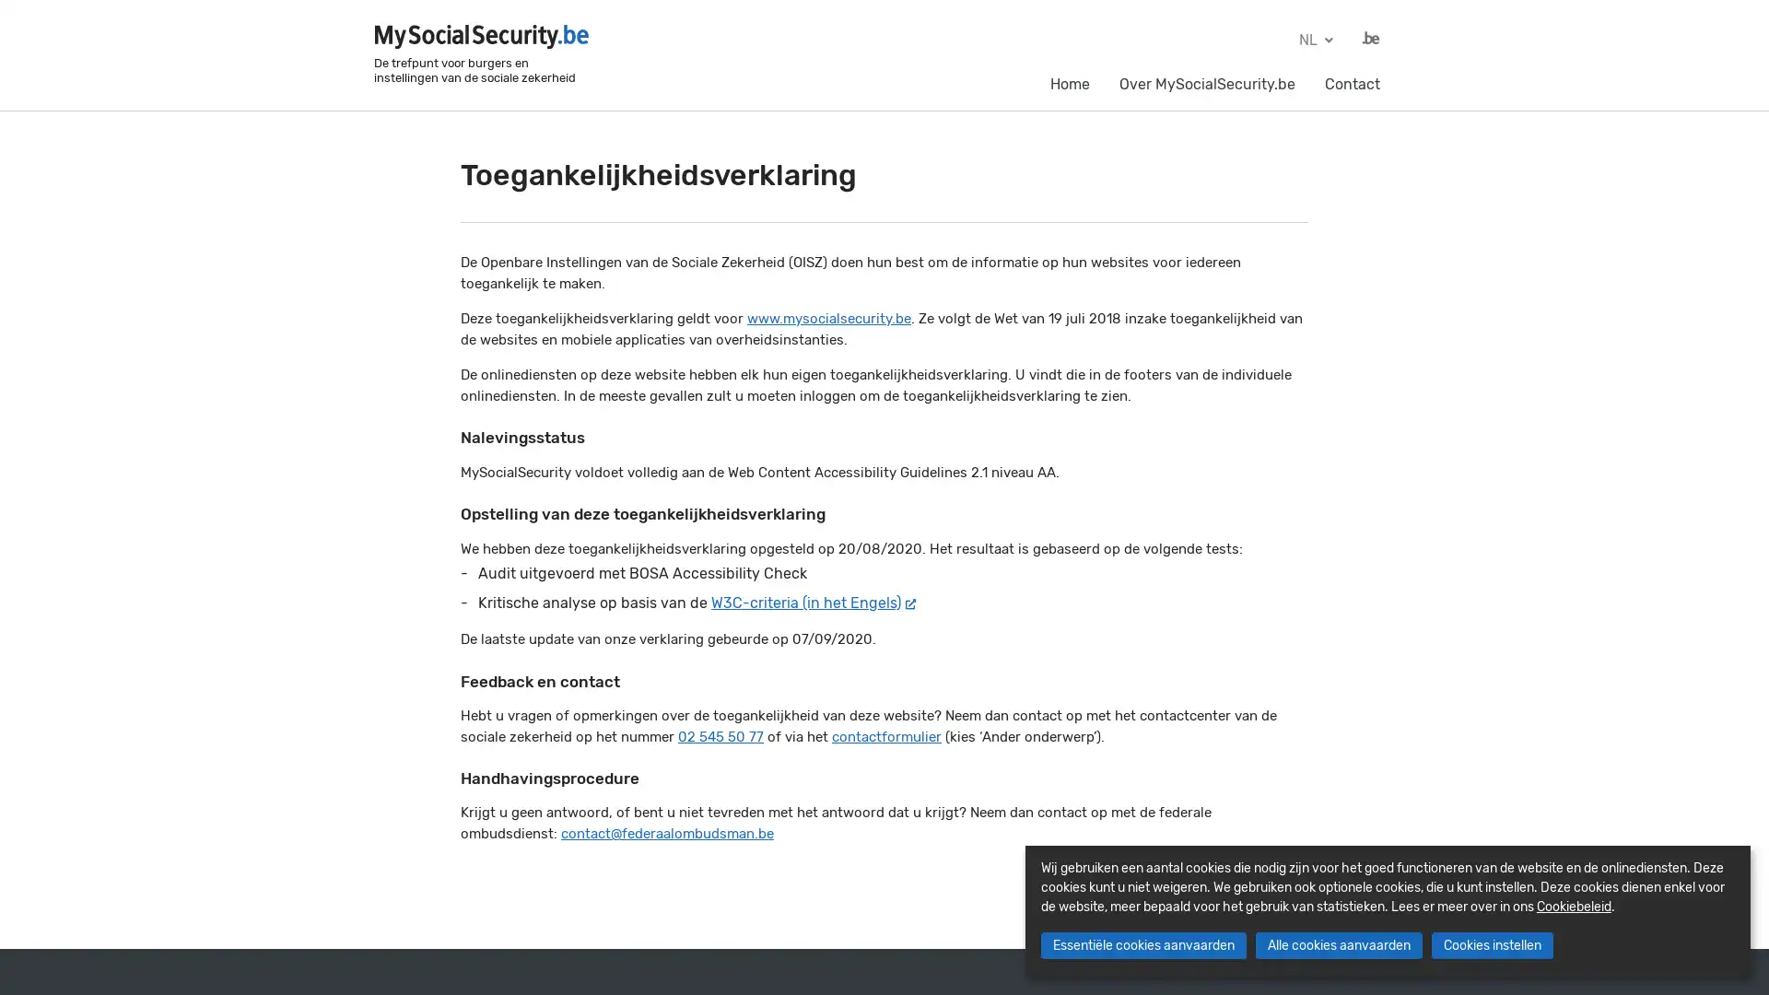 The width and height of the screenshot is (1769, 995). Describe the element at coordinates (1491, 945) in the screenshot. I see `Cookies instellen` at that location.